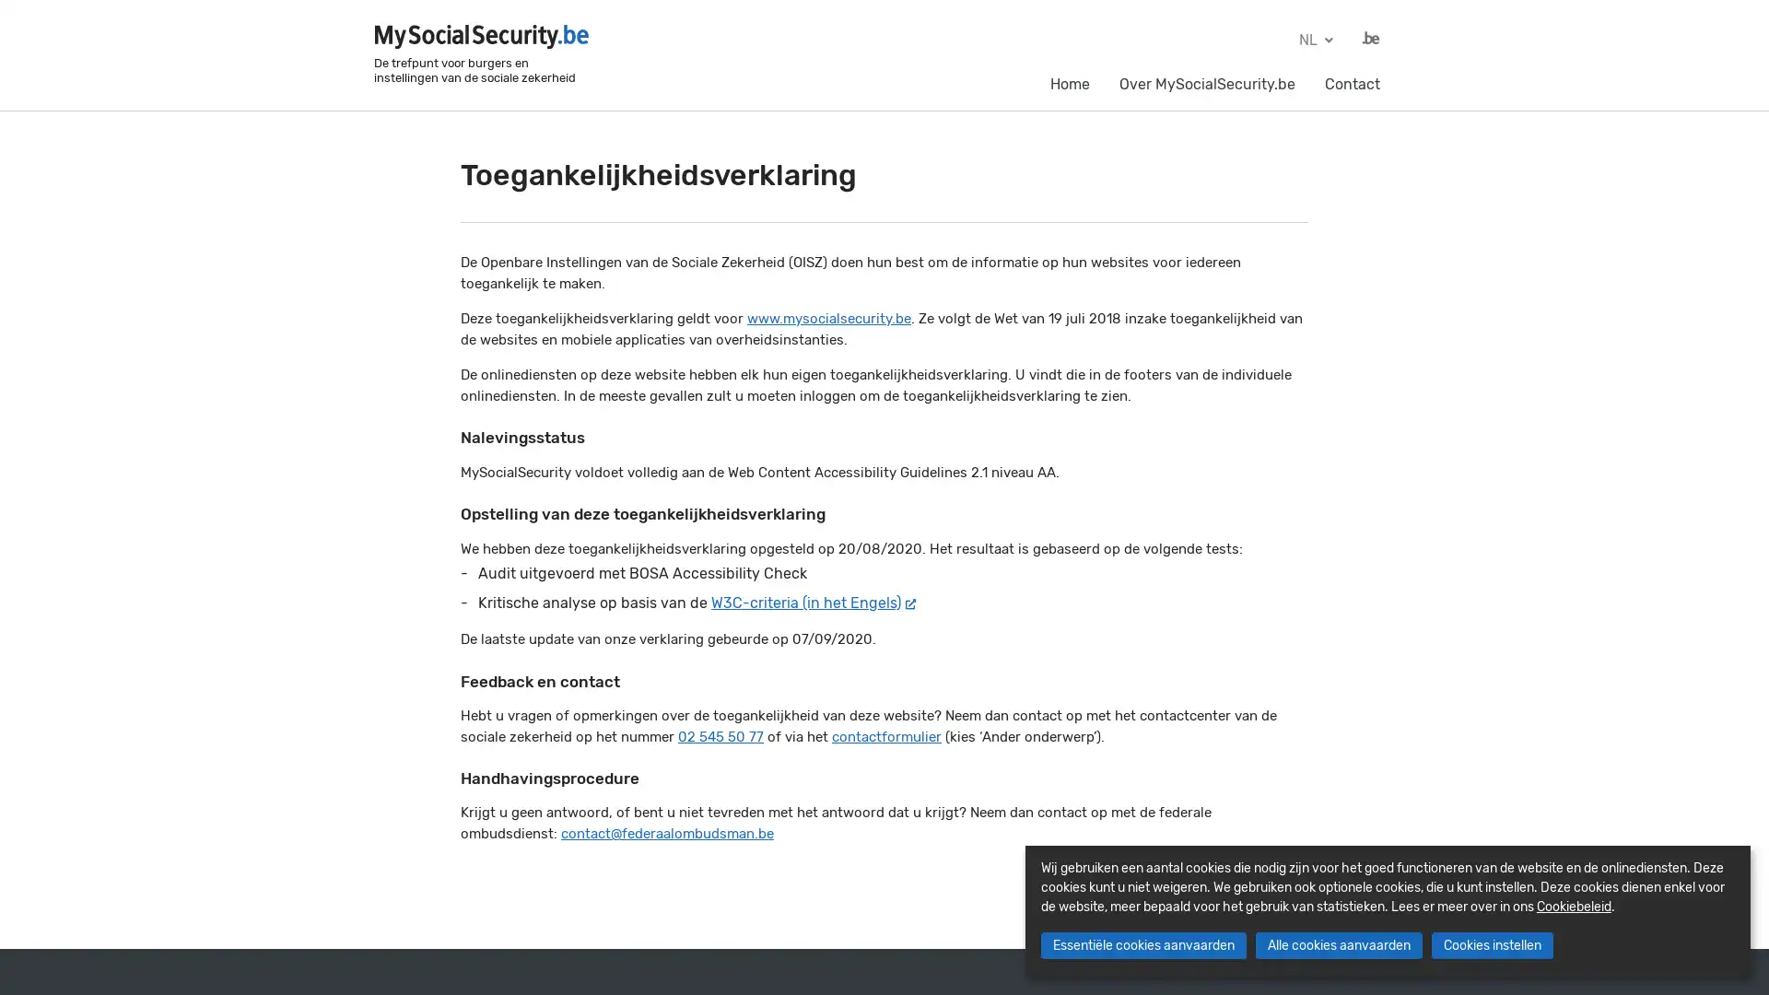 The width and height of the screenshot is (1769, 995). Describe the element at coordinates (1491, 945) in the screenshot. I see `Cookies instellen` at that location.